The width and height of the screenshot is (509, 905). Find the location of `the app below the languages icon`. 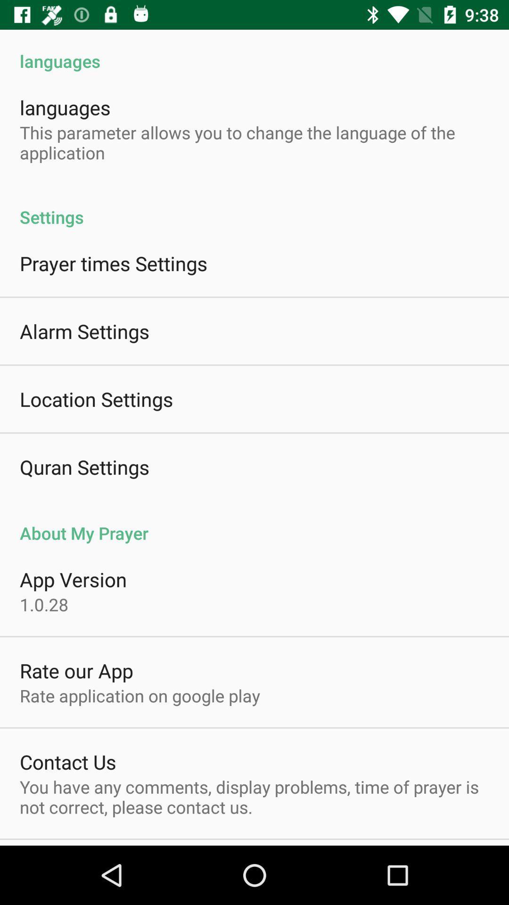

the app below the languages icon is located at coordinates (254, 142).